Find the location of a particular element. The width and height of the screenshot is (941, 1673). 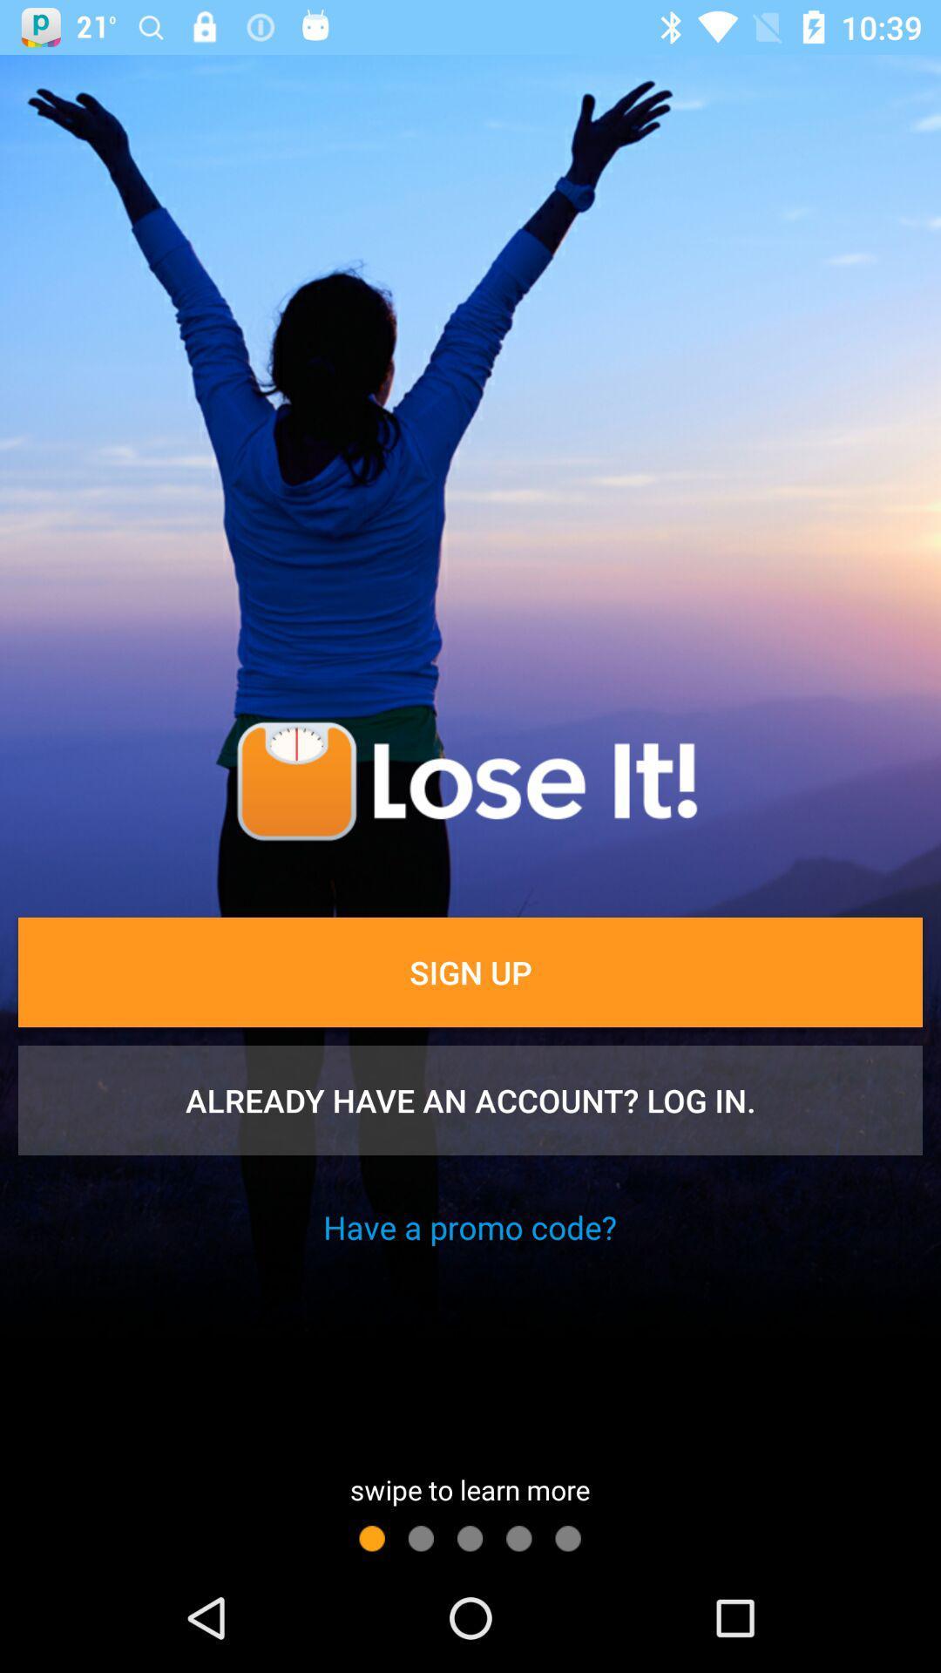

have a promo icon is located at coordinates (469, 1226).